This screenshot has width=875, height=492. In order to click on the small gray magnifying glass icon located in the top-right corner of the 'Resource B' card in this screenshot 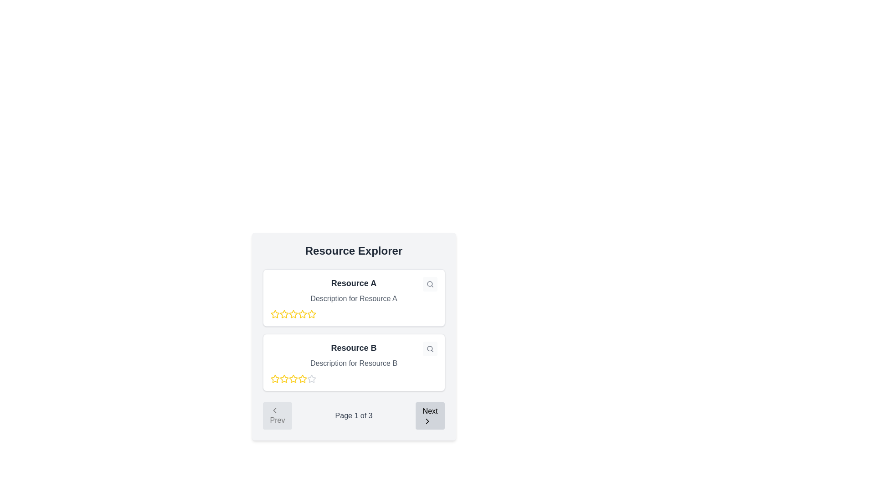, I will do `click(429, 284)`.